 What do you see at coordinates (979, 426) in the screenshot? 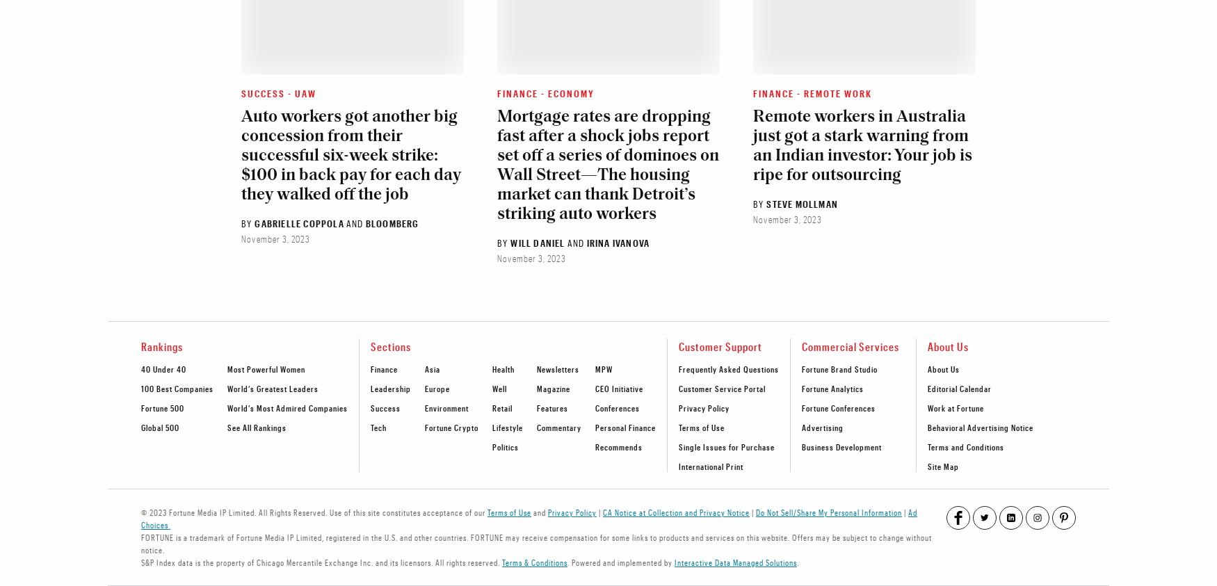
I see `'Behavioral Advertising Notice'` at bounding box center [979, 426].